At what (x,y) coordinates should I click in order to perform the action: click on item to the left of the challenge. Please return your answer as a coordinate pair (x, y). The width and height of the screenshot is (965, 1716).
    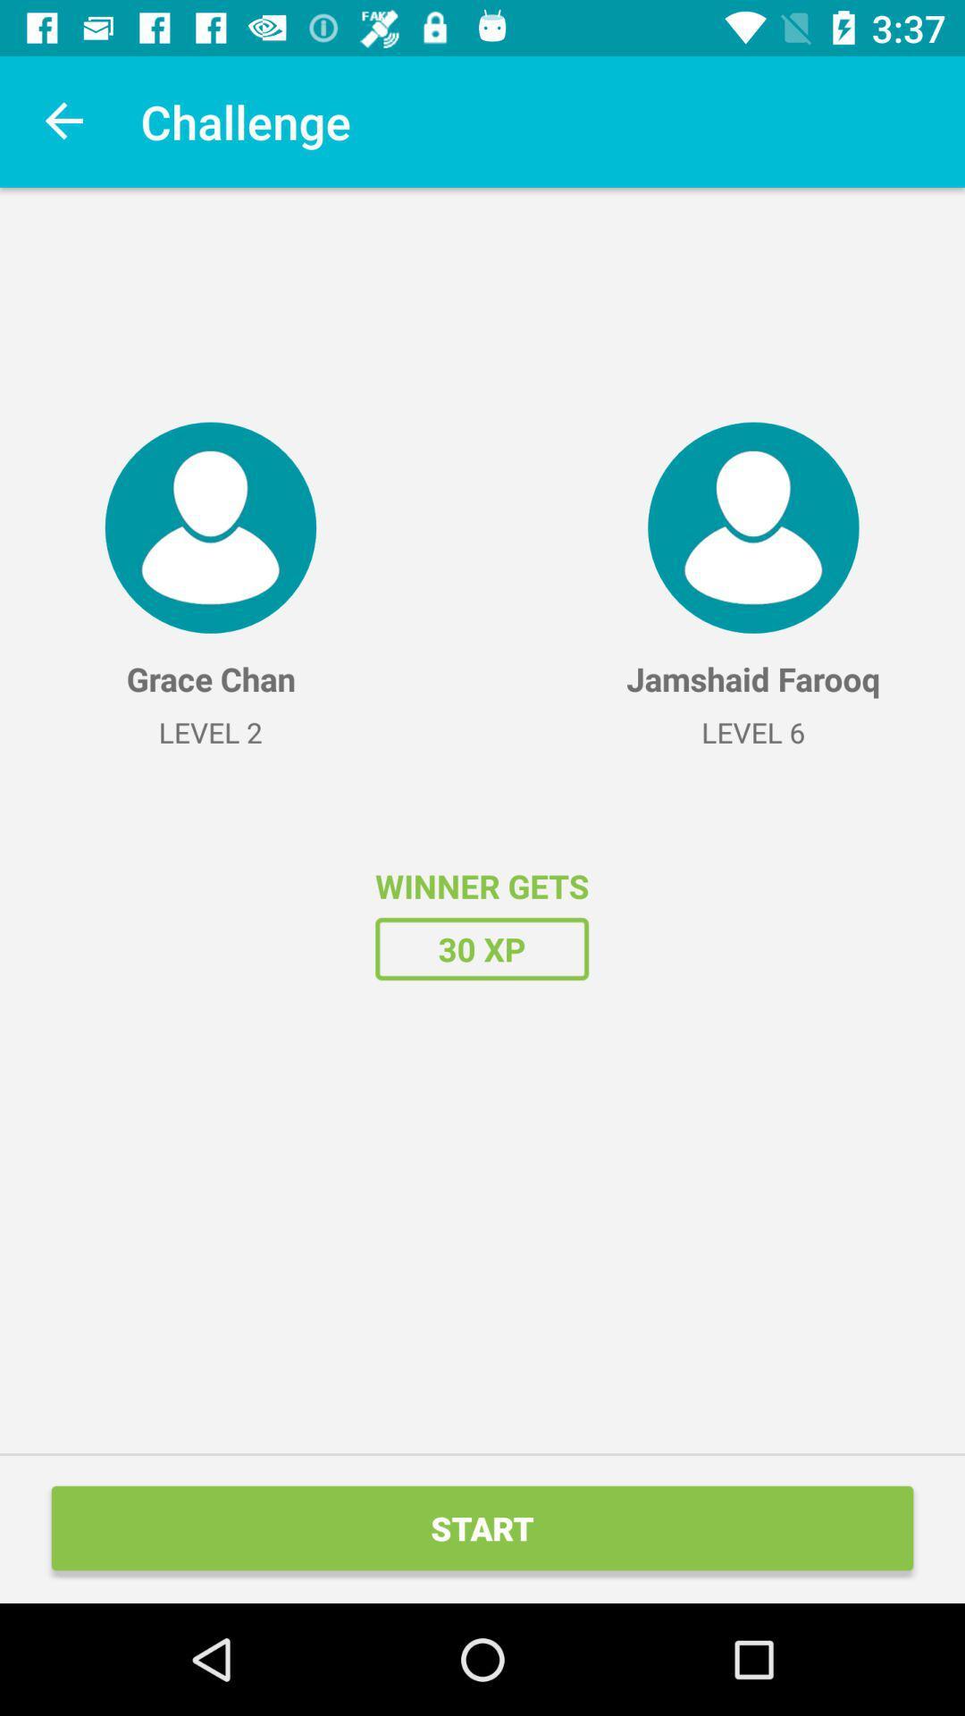
    Looking at the image, I should click on (64, 121).